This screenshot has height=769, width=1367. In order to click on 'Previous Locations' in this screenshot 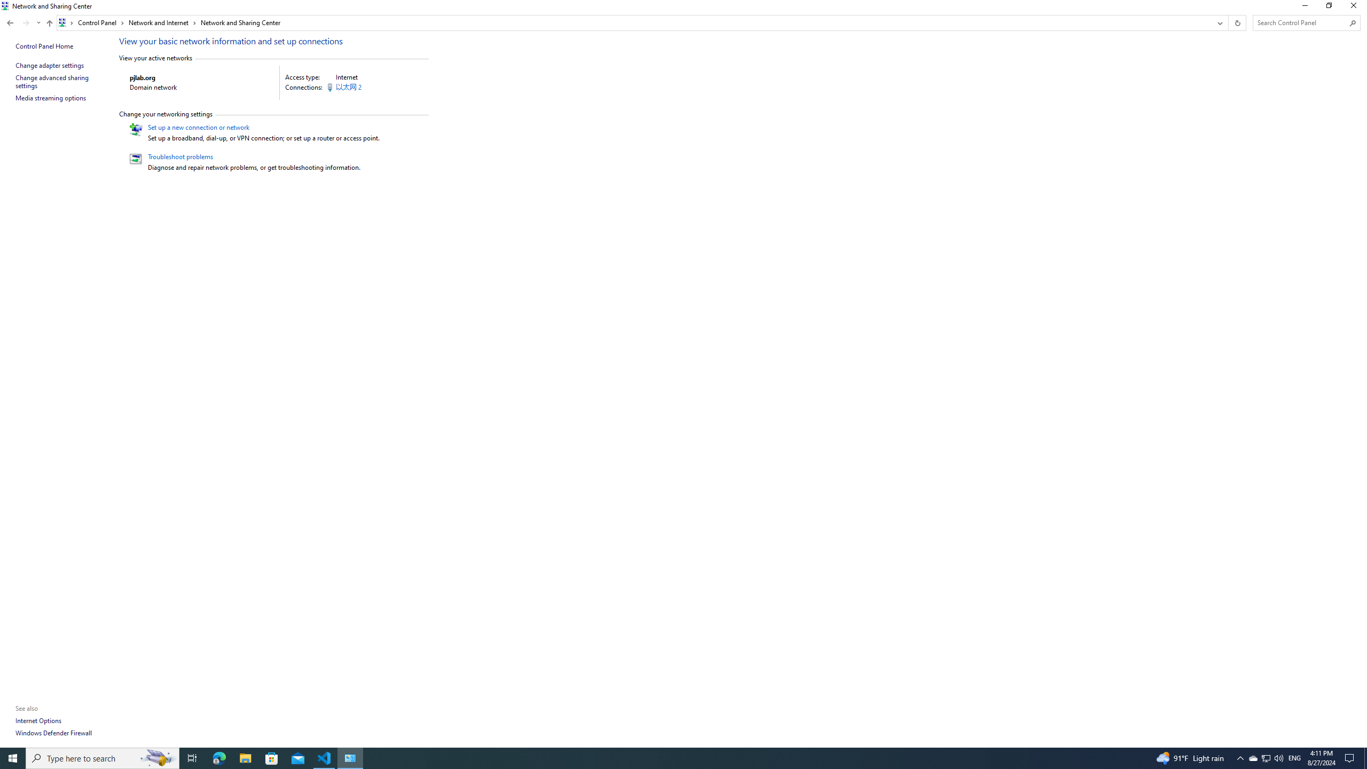, I will do `click(1219, 22)`.